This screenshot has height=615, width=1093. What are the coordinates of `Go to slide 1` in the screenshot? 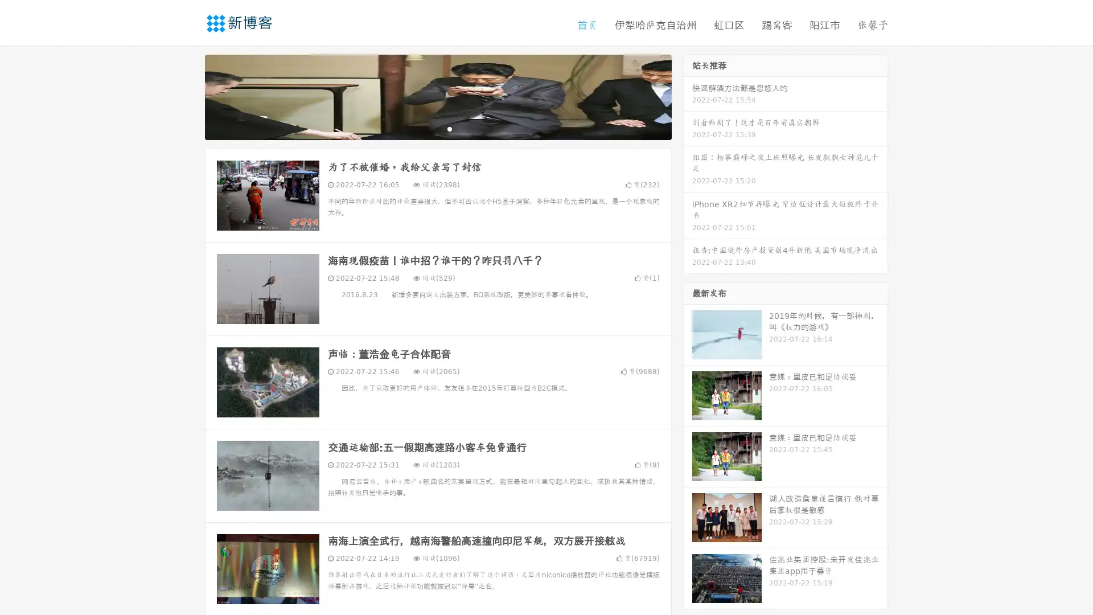 It's located at (426, 128).